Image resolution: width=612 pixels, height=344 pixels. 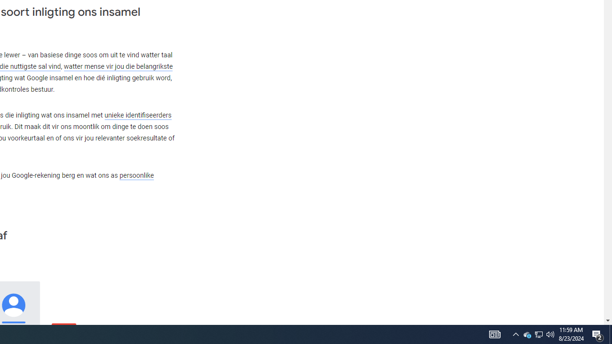 What do you see at coordinates (137, 115) in the screenshot?
I see `'unieke identifiseerders'` at bounding box center [137, 115].